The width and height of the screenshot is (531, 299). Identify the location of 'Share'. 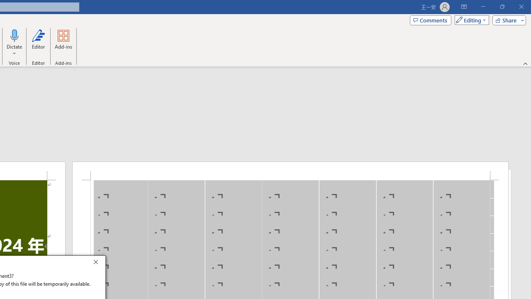
(507, 20).